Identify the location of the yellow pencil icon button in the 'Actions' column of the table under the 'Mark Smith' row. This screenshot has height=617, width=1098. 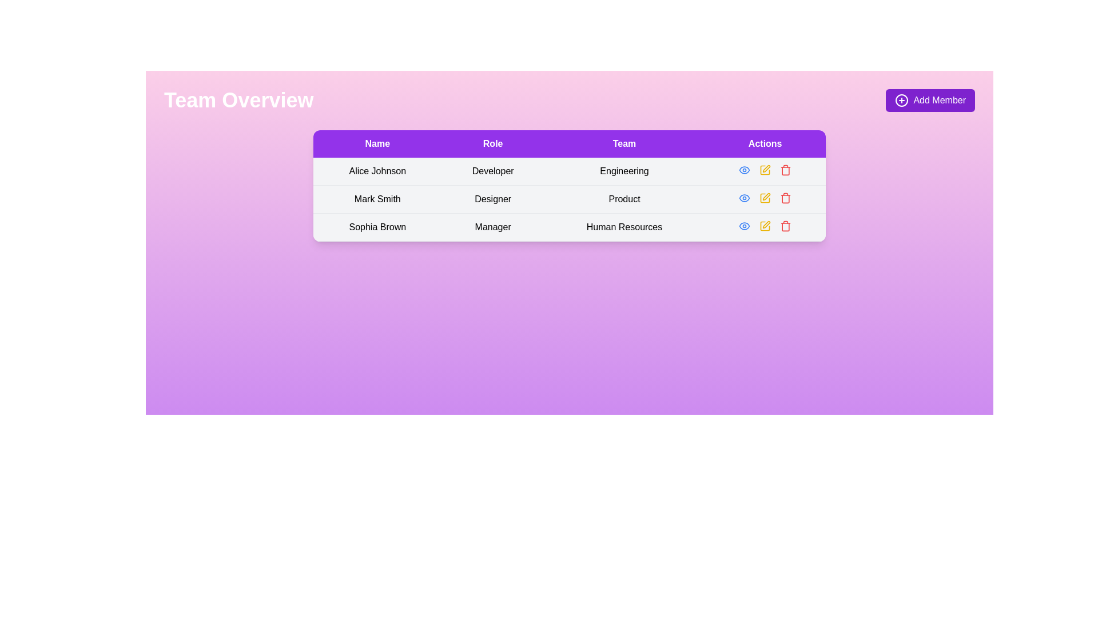
(765, 198).